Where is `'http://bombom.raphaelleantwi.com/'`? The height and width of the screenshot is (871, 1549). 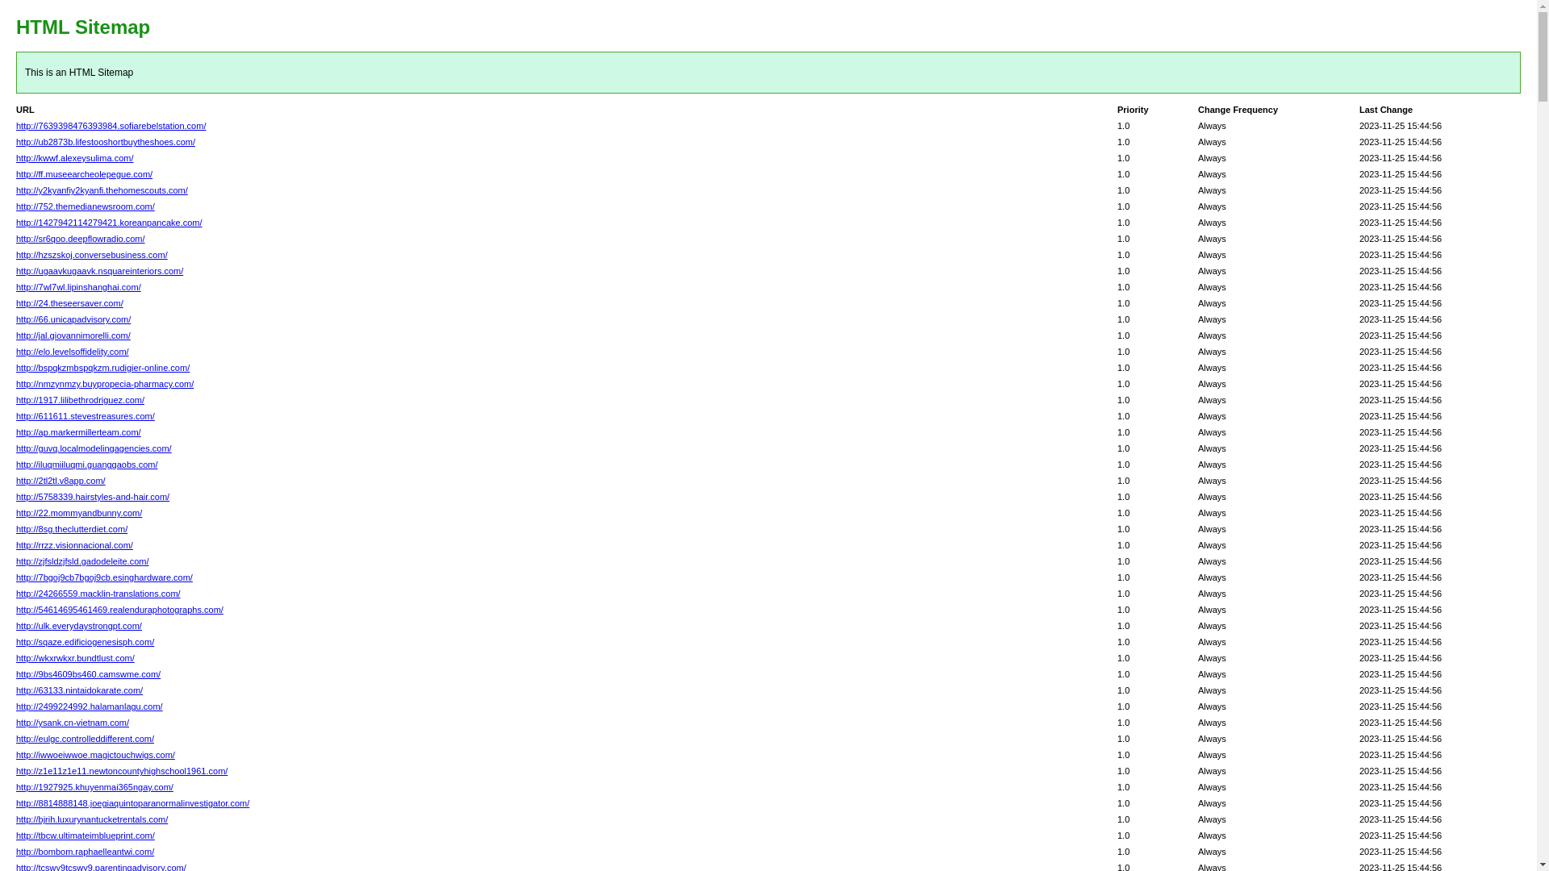
'http://bombom.raphaelleantwi.com/' is located at coordinates (84, 851).